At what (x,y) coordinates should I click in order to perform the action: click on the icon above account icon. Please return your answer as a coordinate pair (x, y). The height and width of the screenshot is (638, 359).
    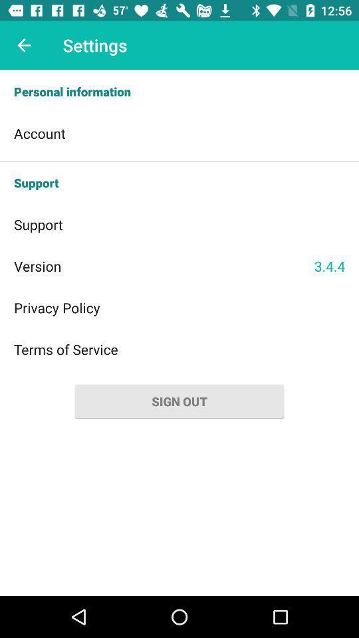
    Looking at the image, I should click on (179, 91).